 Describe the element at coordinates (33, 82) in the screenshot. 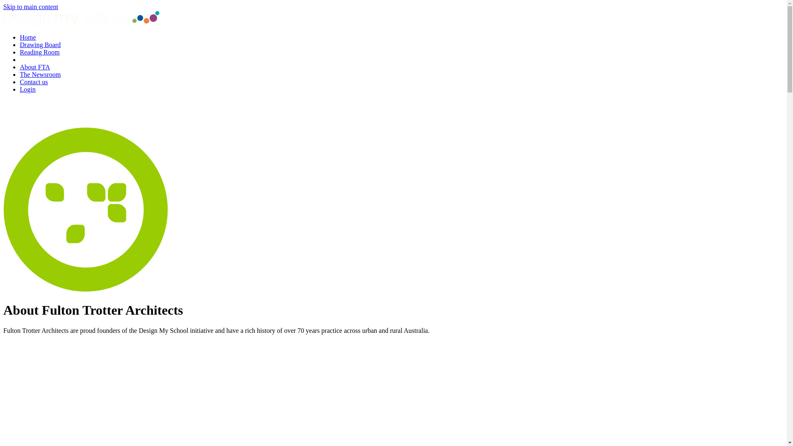

I see `'Contact us'` at that location.